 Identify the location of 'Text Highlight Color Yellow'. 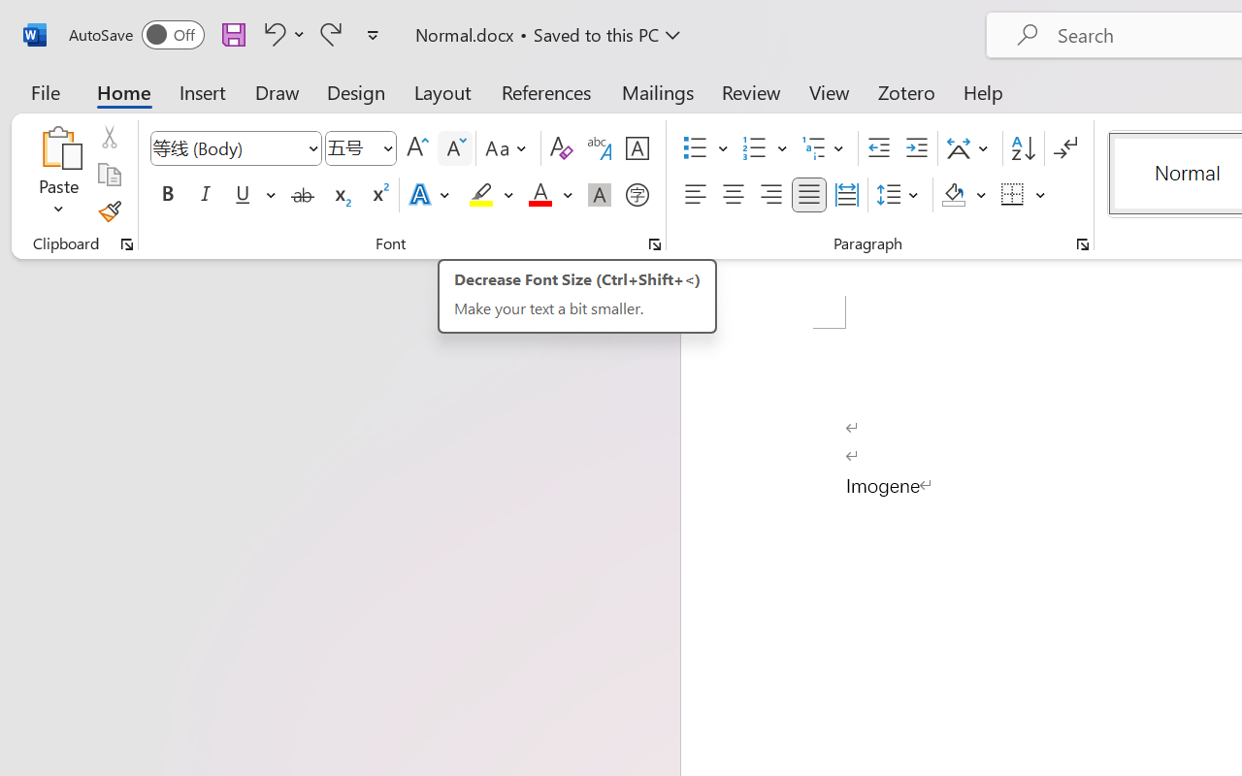
(481, 195).